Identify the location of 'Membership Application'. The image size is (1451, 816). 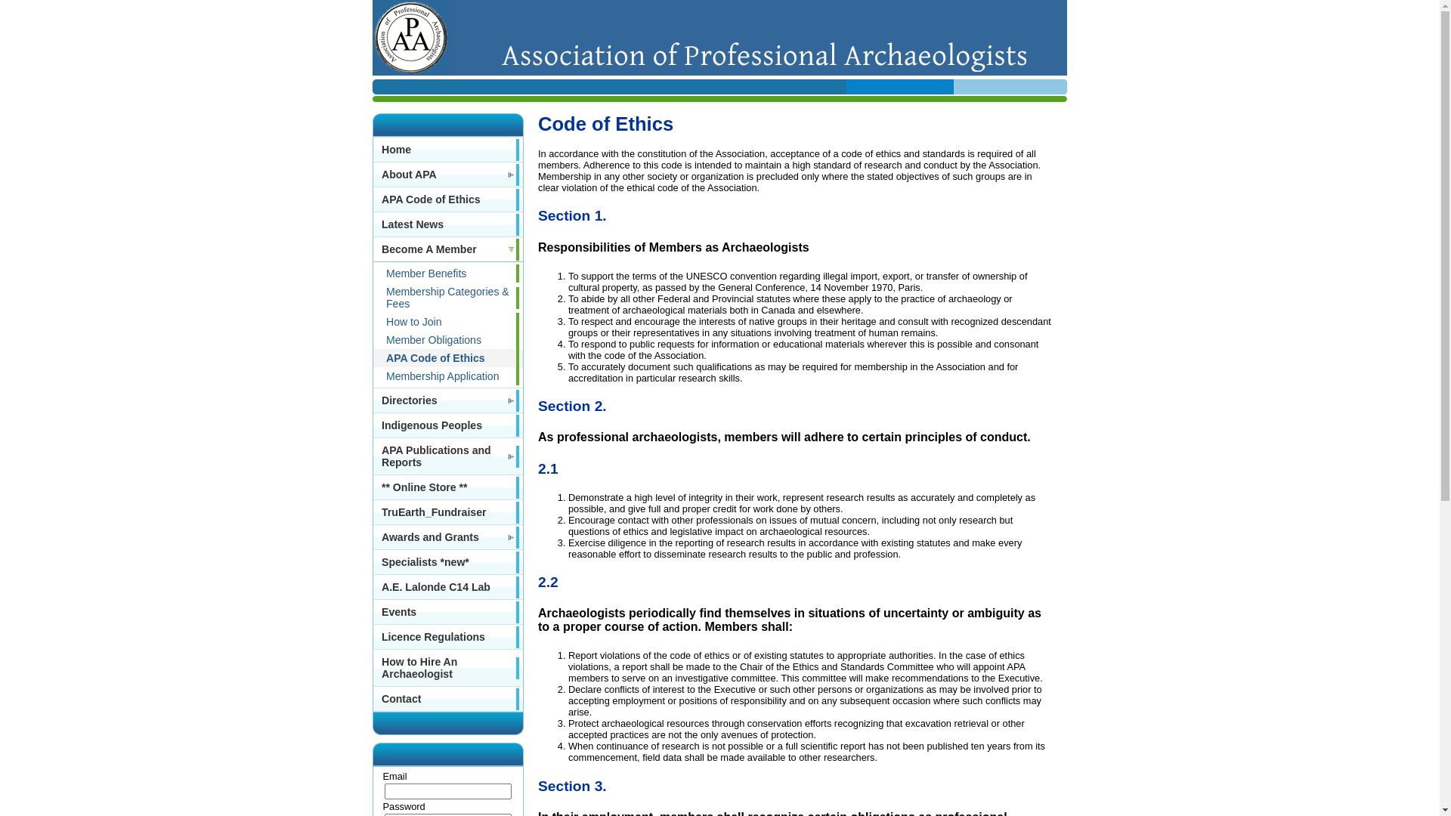
(447, 375).